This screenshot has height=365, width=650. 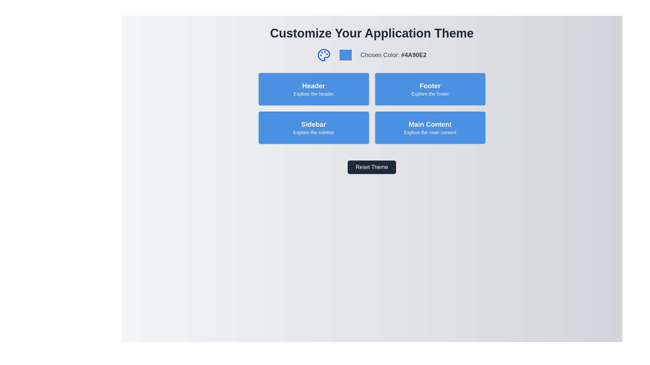 I want to click on the square color selection box with a blue fill and rounded corners, so click(x=345, y=54).